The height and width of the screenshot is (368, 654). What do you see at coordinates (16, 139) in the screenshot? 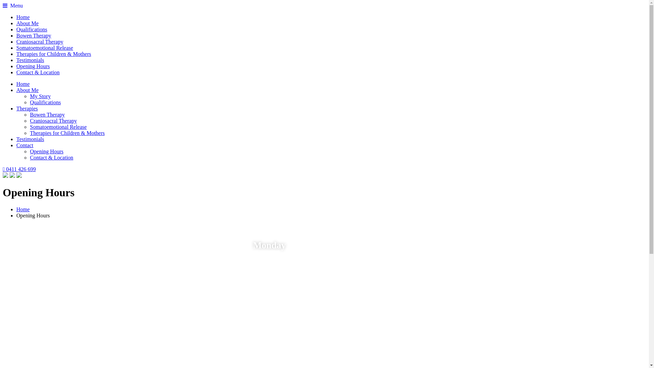
I see `'Testimonials'` at bounding box center [16, 139].